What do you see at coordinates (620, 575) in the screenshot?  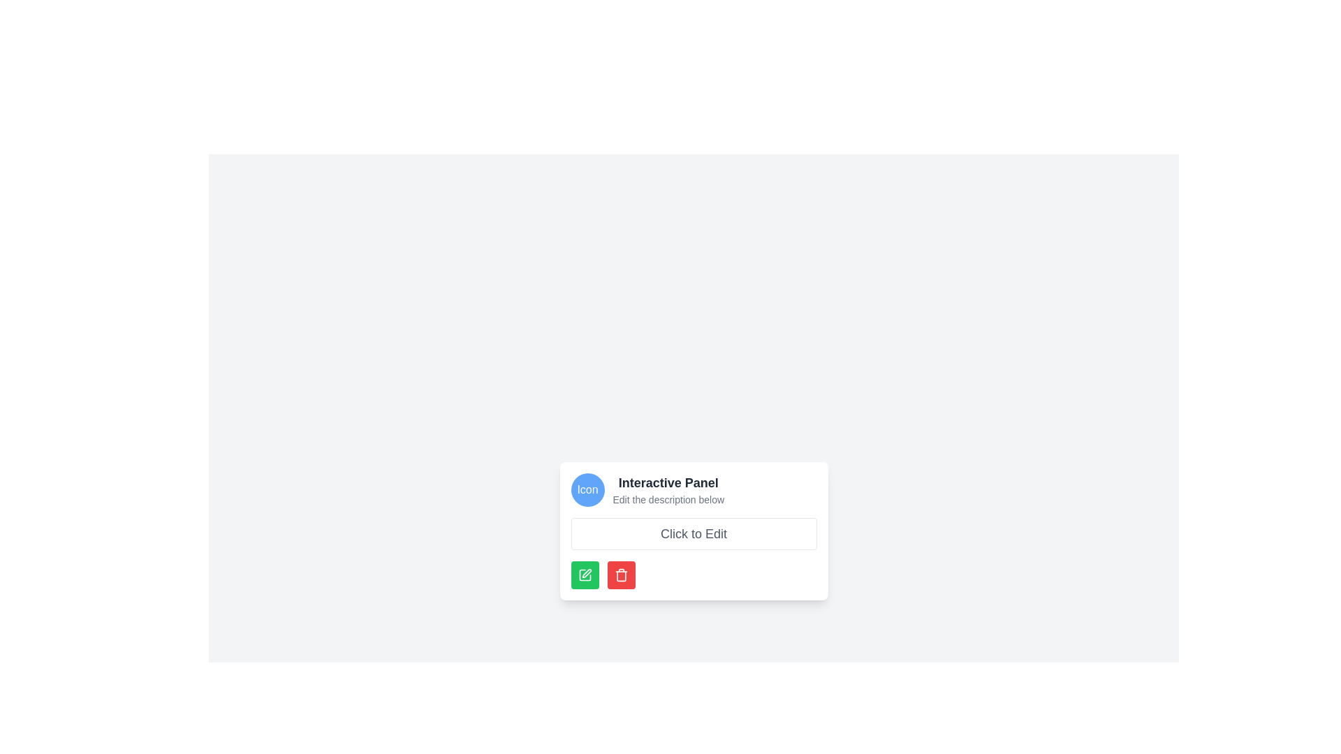 I see `the trash can icon within the circular red button located at the lower right corner of the interactive panel` at bounding box center [620, 575].